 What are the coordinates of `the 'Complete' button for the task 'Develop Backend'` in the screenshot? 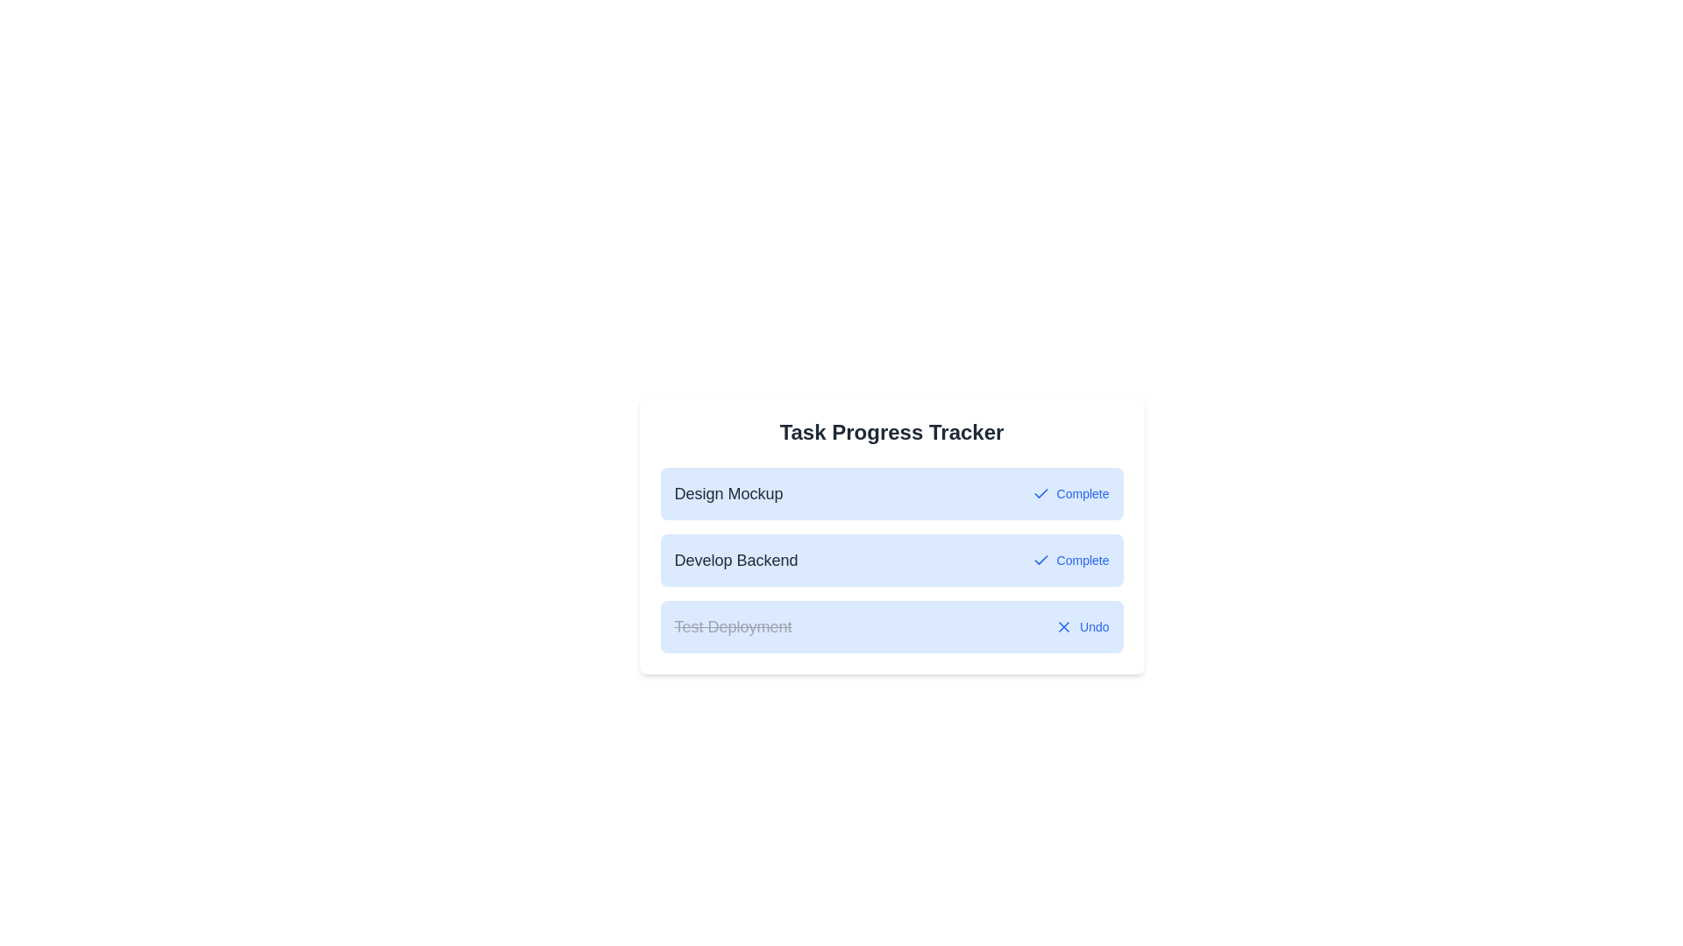 It's located at (1069, 561).